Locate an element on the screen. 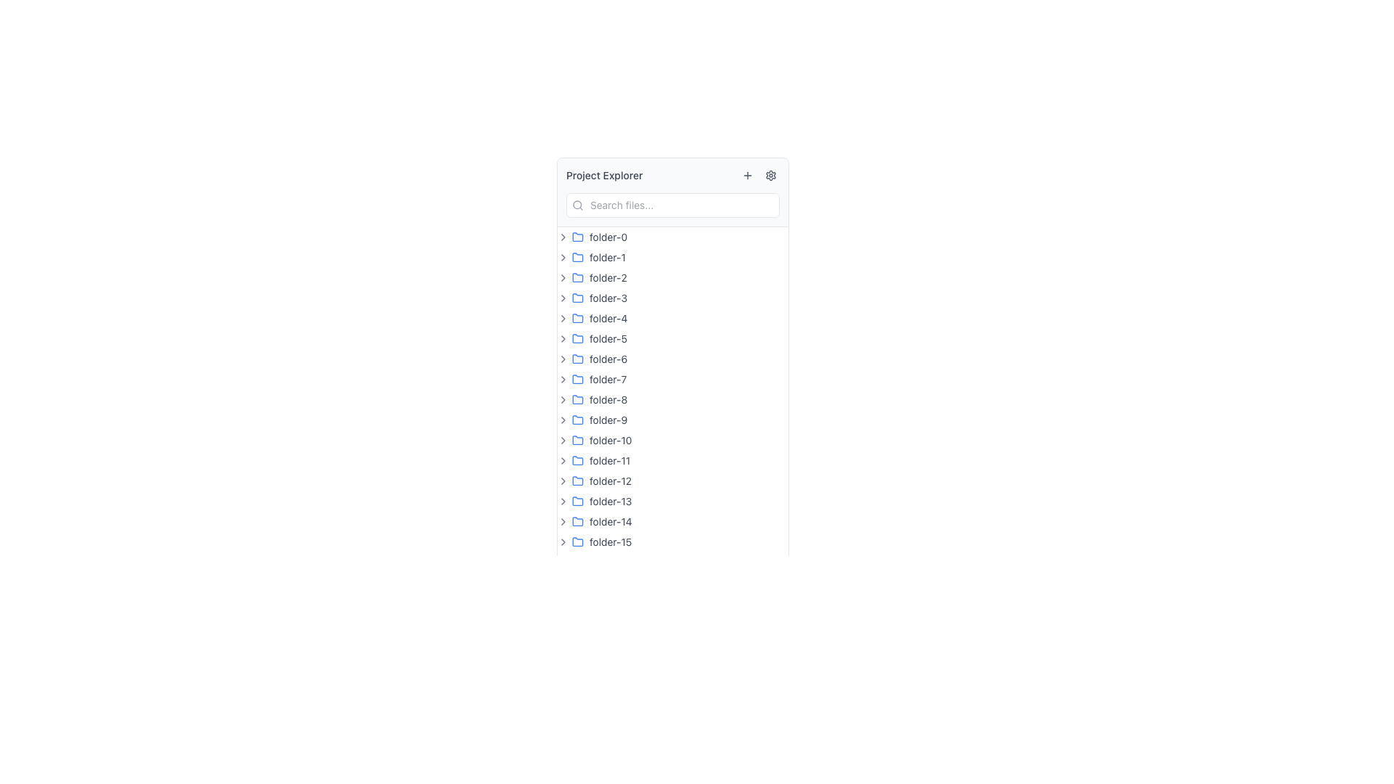 The height and width of the screenshot is (784, 1394). the folder icon with a blue outline located beside the text 'folder-9' in the Project Explorer menu is located at coordinates (577, 420).